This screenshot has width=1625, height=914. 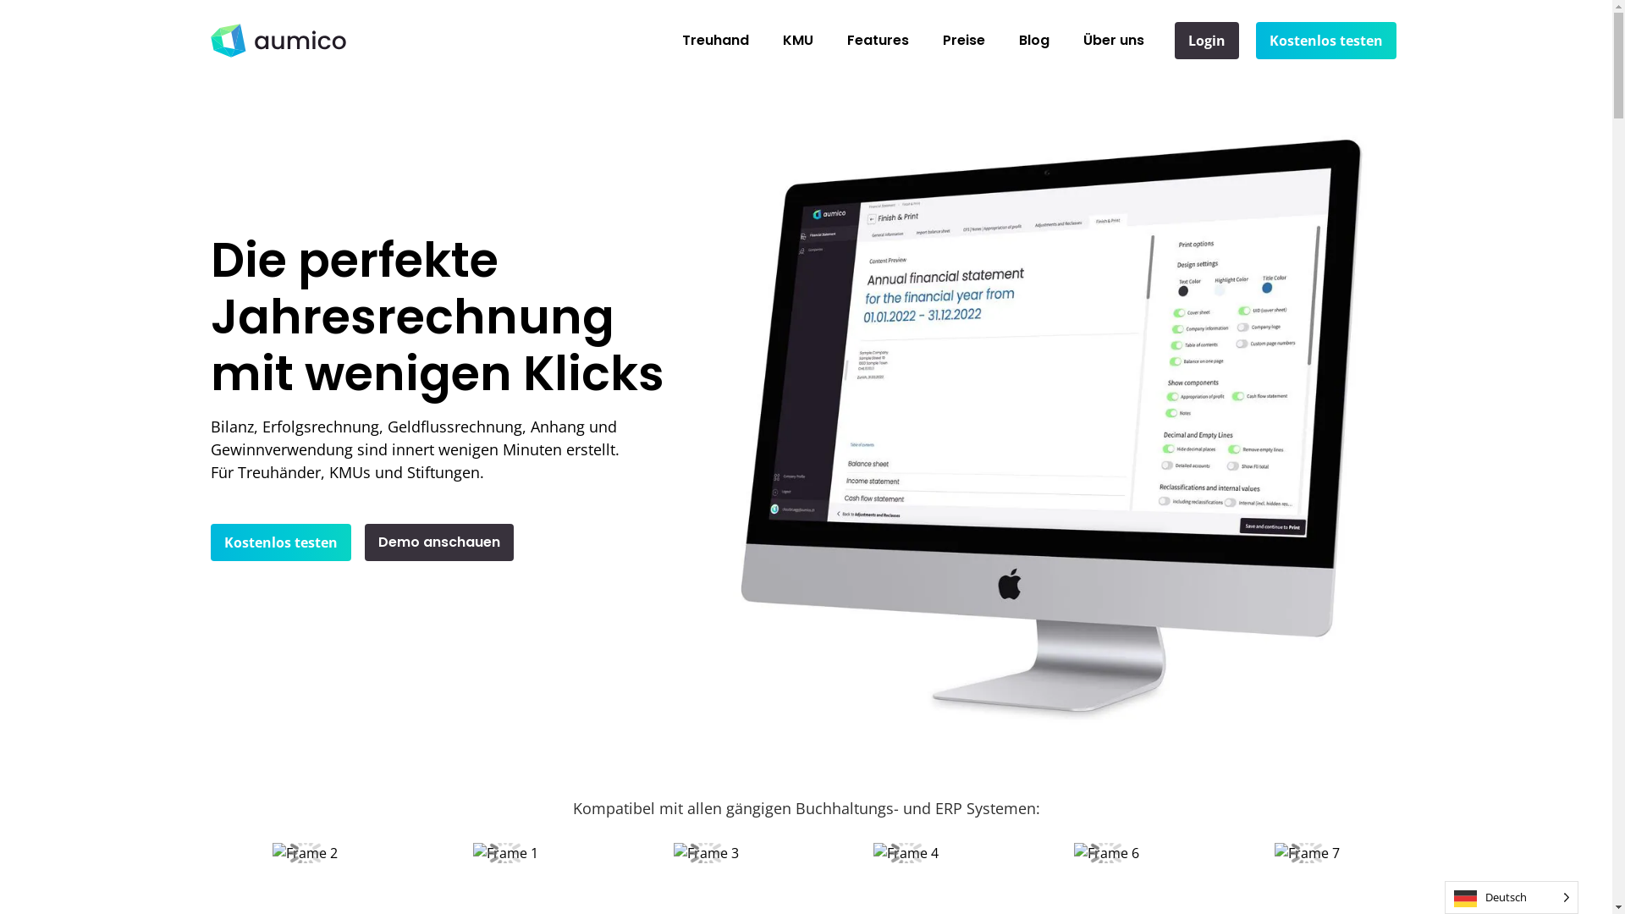 I want to click on 'Login', so click(x=1173, y=39).